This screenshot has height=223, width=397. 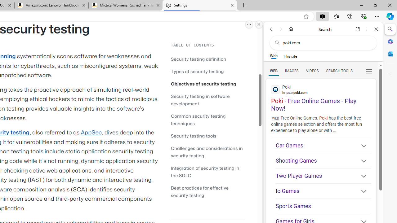 What do you see at coordinates (208, 71) in the screenshot?
I see `'Types of security testing'` at bounding box center [208, 71].